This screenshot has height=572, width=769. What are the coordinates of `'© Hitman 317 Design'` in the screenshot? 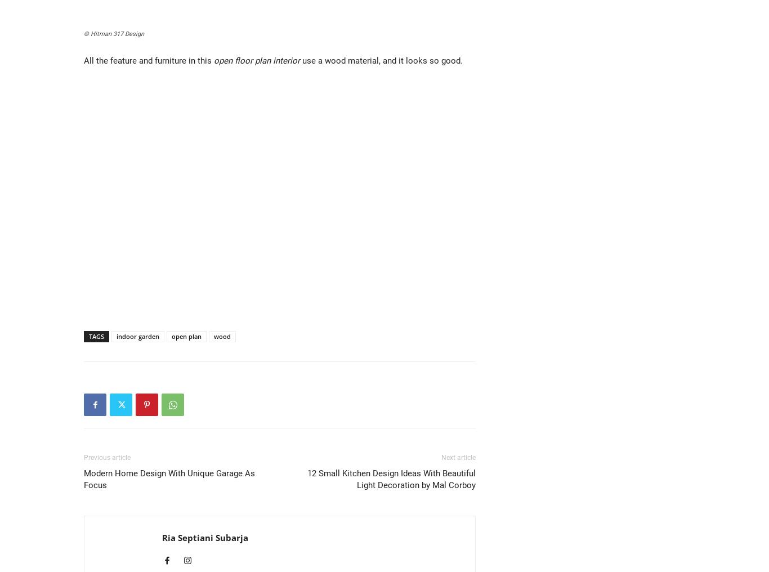 It's located at (83, 33).